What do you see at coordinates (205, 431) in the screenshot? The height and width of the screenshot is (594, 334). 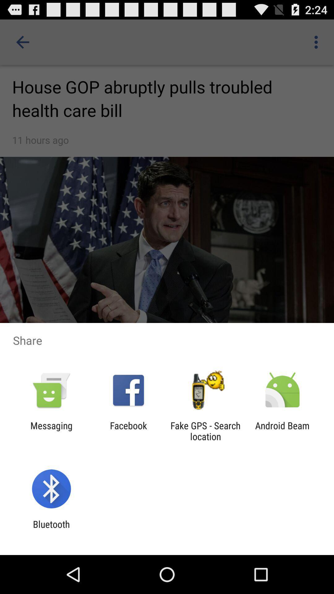 I see `fake gps search` at bounding box center [205, 431].